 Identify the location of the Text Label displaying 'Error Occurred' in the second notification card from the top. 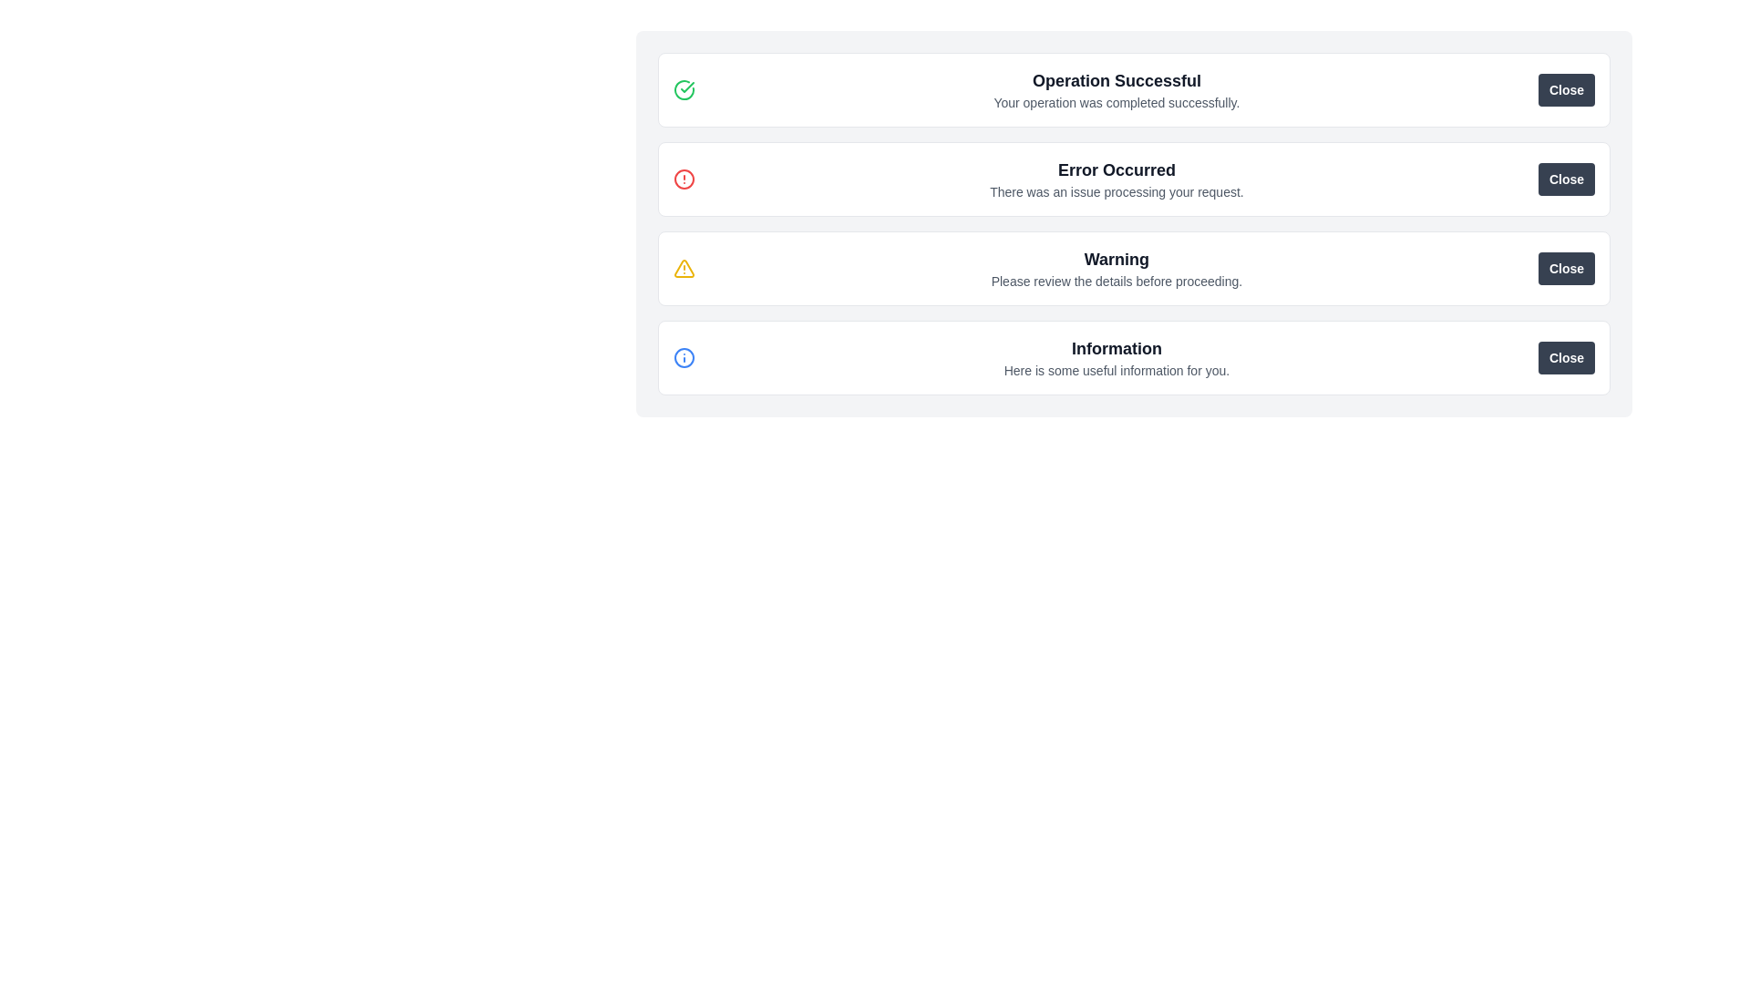
(1116, 169).